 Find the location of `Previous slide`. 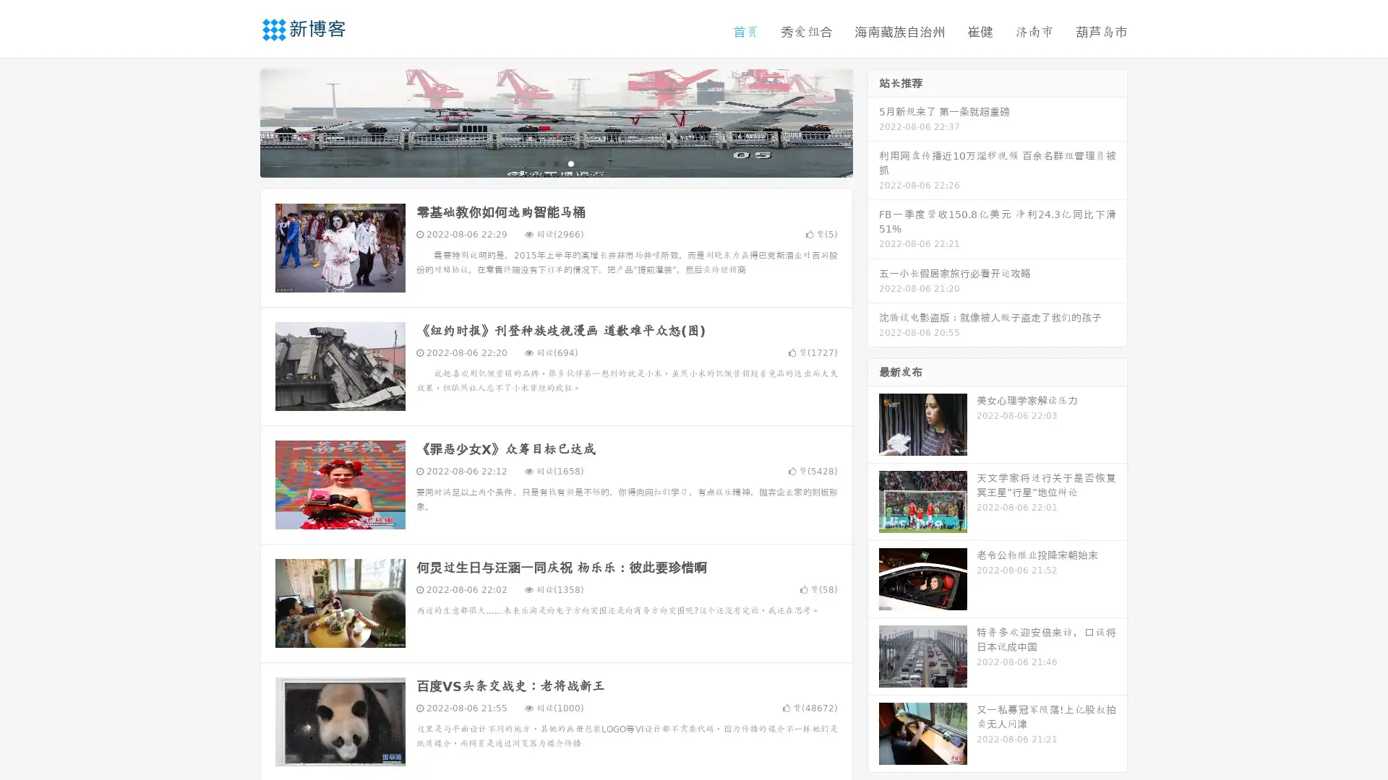

Previous slide is located at coordinates (239, 121).